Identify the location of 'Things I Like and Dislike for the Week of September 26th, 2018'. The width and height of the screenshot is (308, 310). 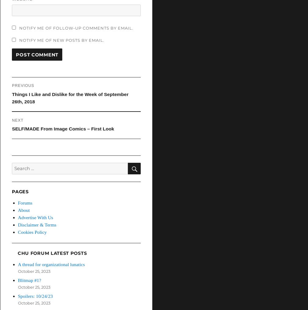
(70, 98).